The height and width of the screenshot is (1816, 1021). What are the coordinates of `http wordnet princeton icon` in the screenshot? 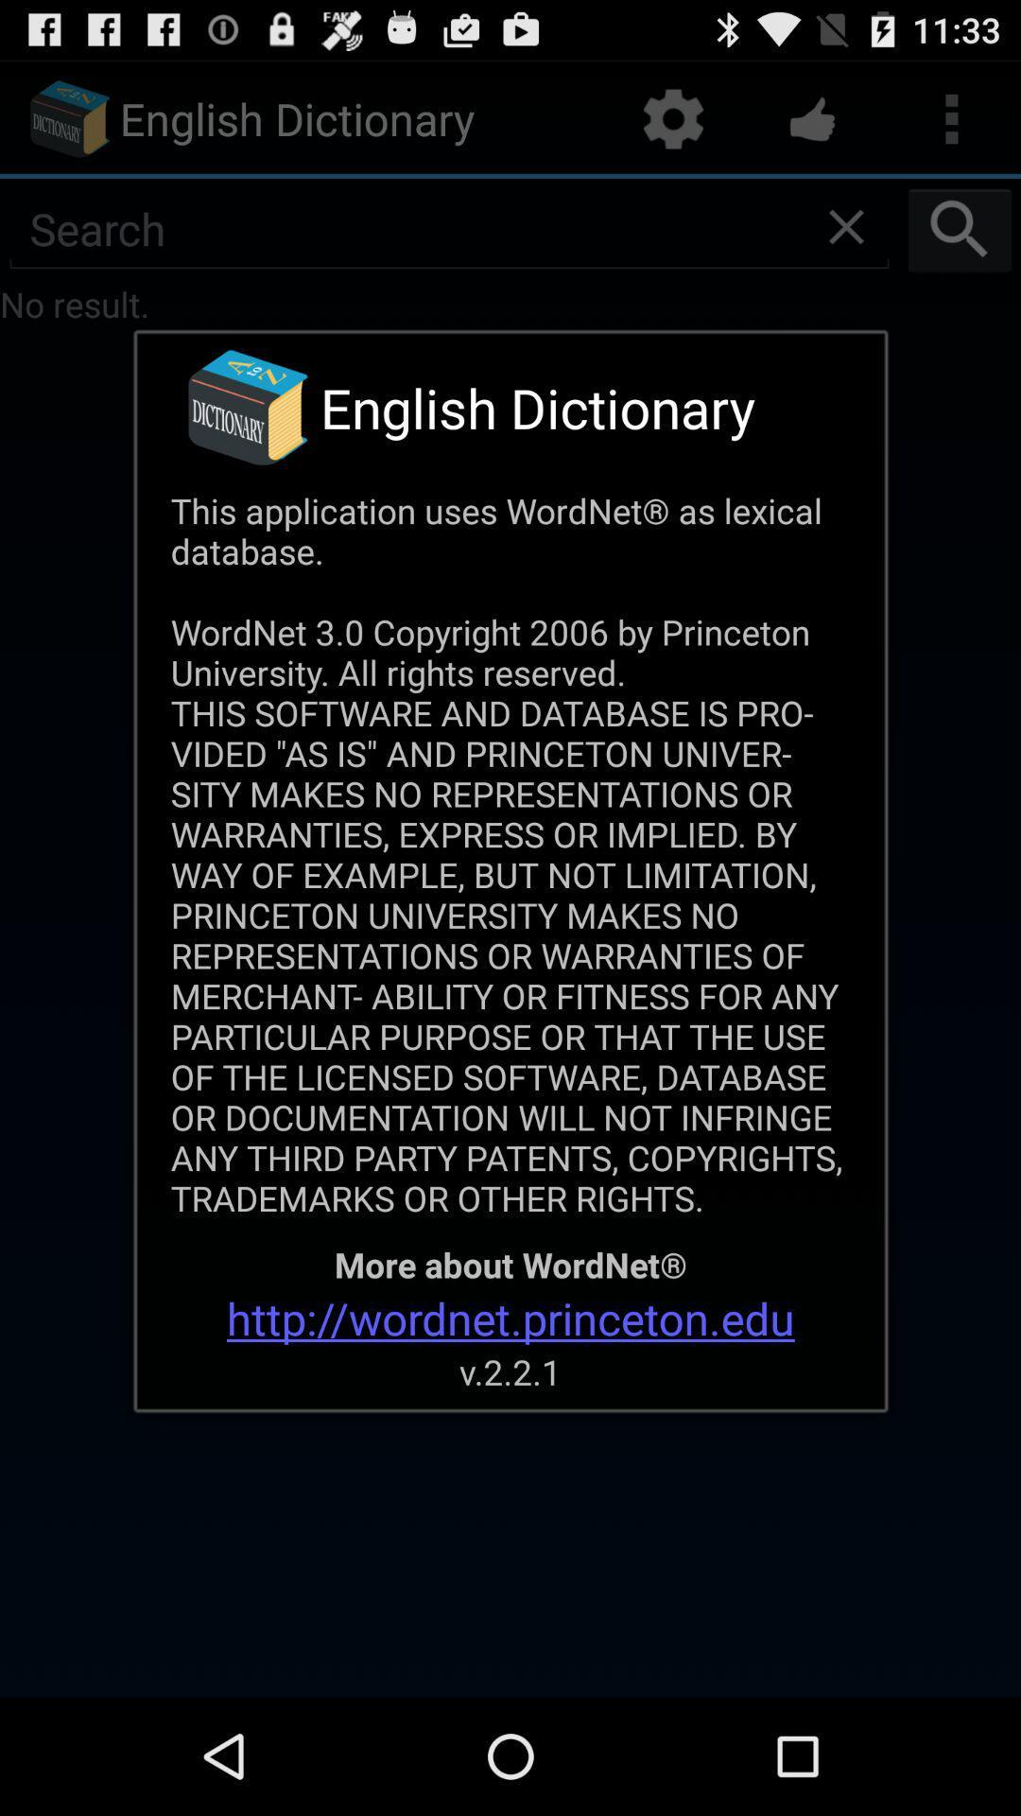 It's located at (510, 1317).